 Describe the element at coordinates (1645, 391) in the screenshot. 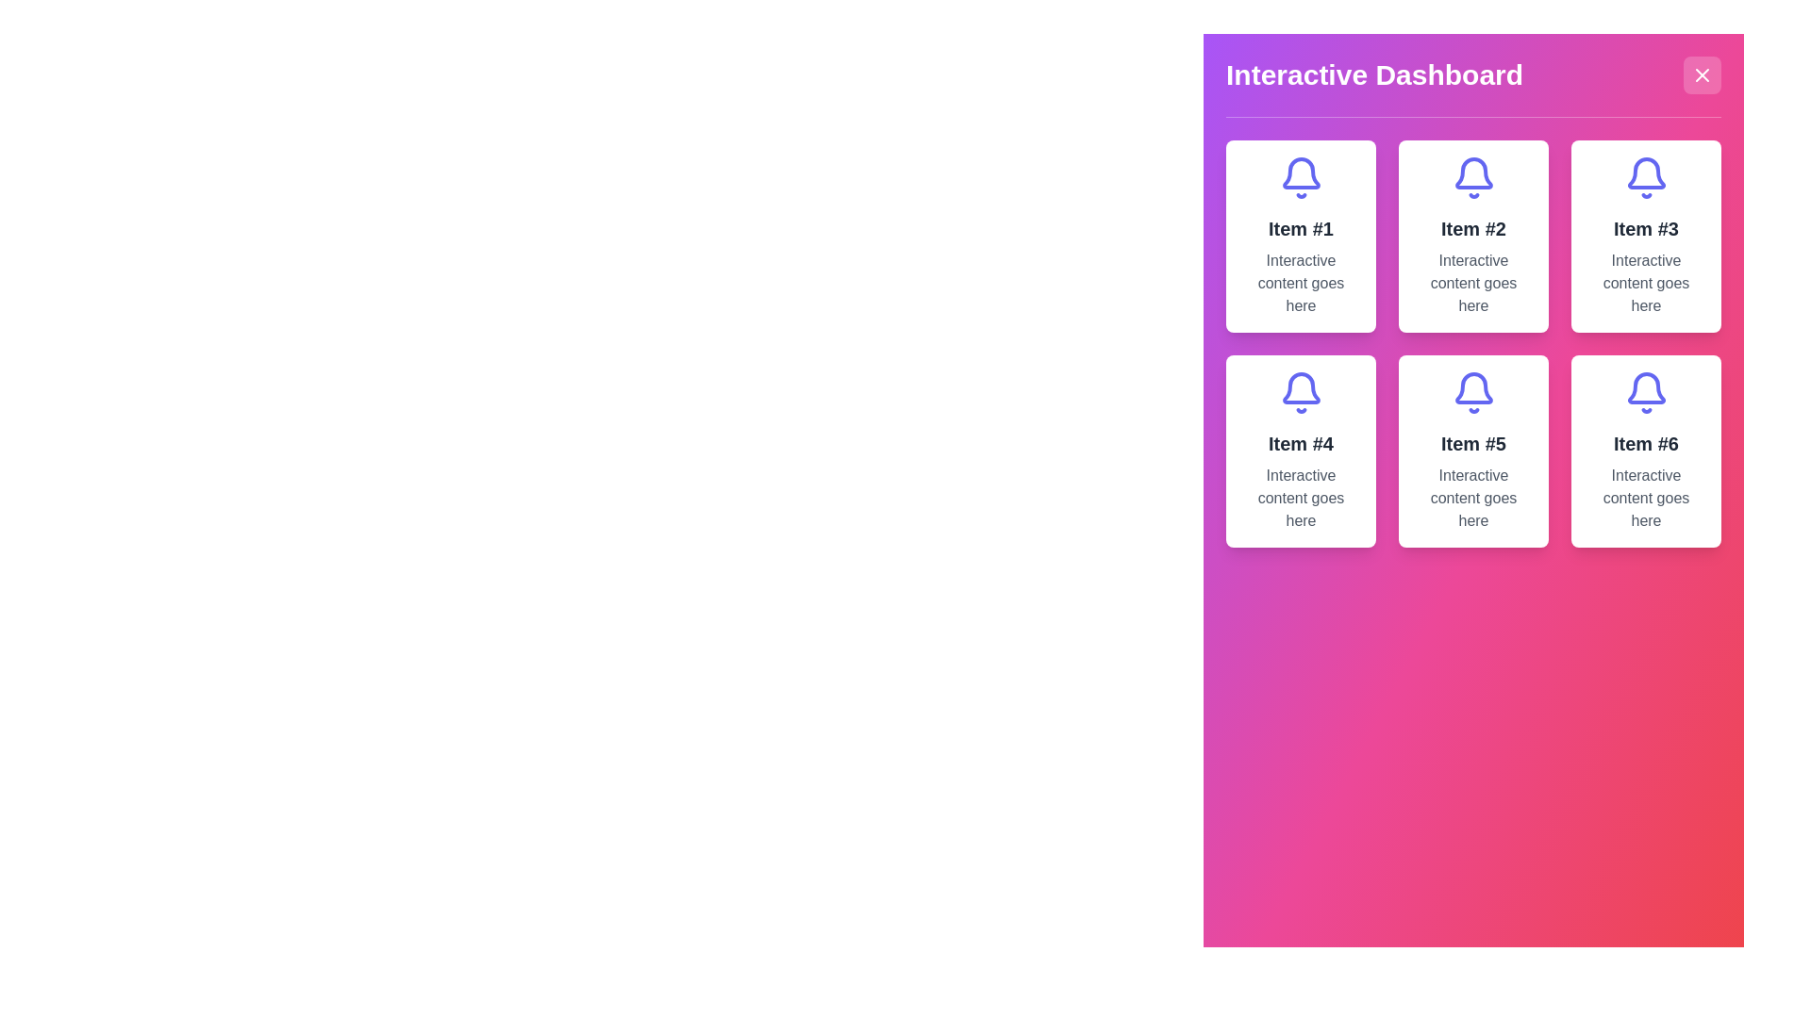

I see `the bell-shaped icon with a purple outline and white background, located centrally above the text 'Item #6' in the card labeled 'Item #6'` at that location.